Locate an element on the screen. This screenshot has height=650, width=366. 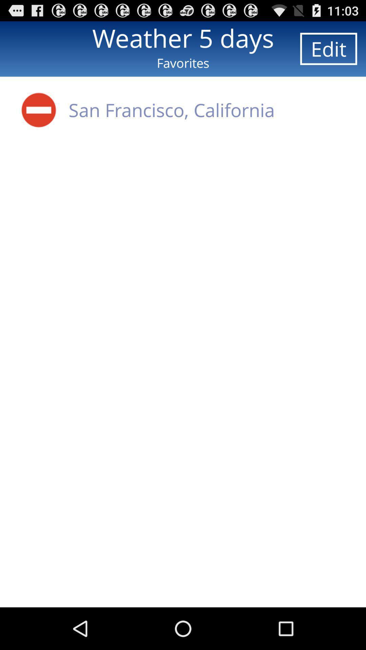
the item below favorites is located at coordinates (171, 110).